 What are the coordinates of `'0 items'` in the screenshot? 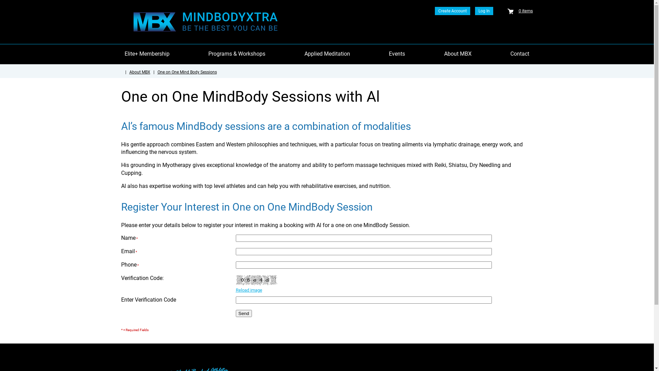 It's located at (523, 11).